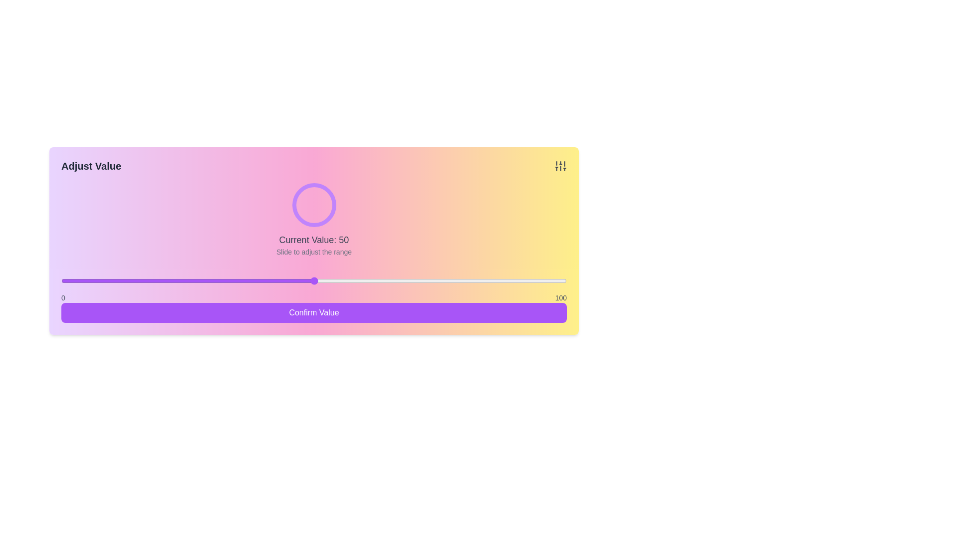 This screenshot has height=539, width=958. I want to click on the slider to set the value to 0, so click(61, 281).